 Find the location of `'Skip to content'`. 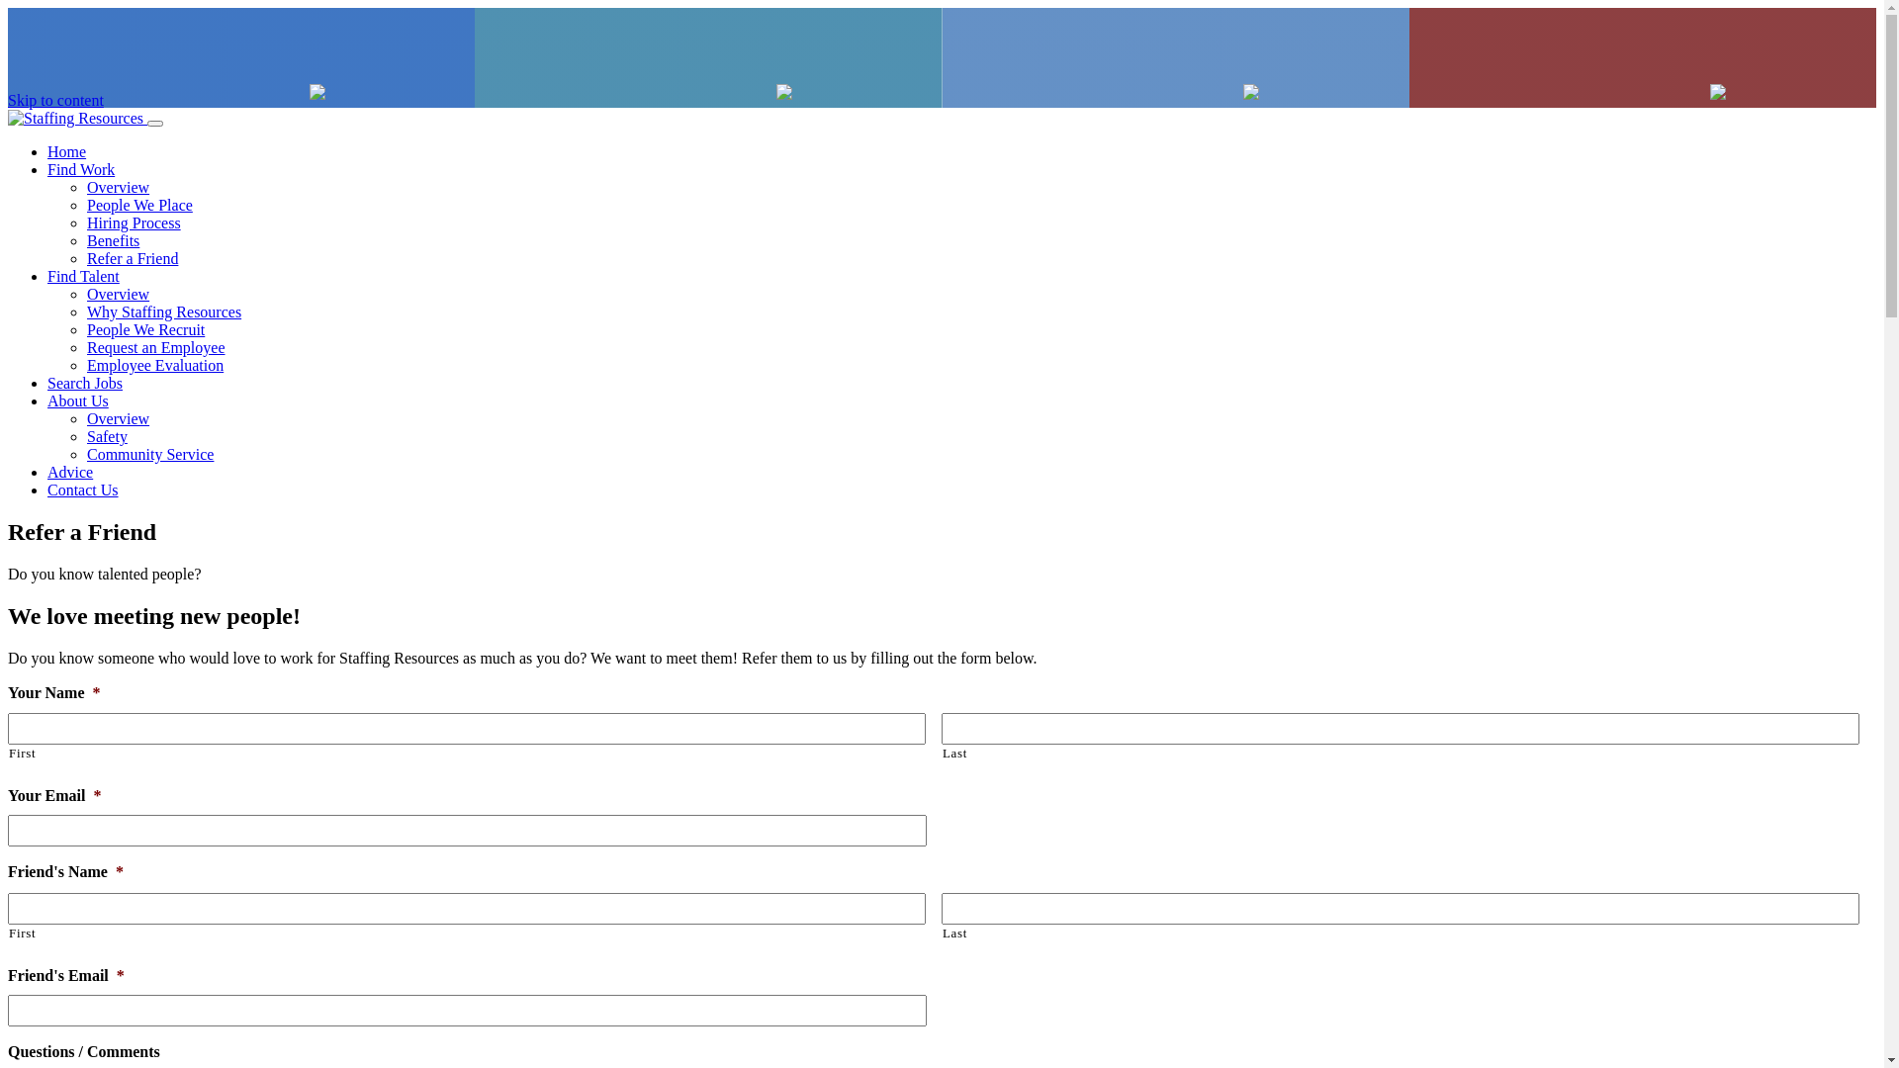

'Skip to content' is located at coordinates (55, 100).